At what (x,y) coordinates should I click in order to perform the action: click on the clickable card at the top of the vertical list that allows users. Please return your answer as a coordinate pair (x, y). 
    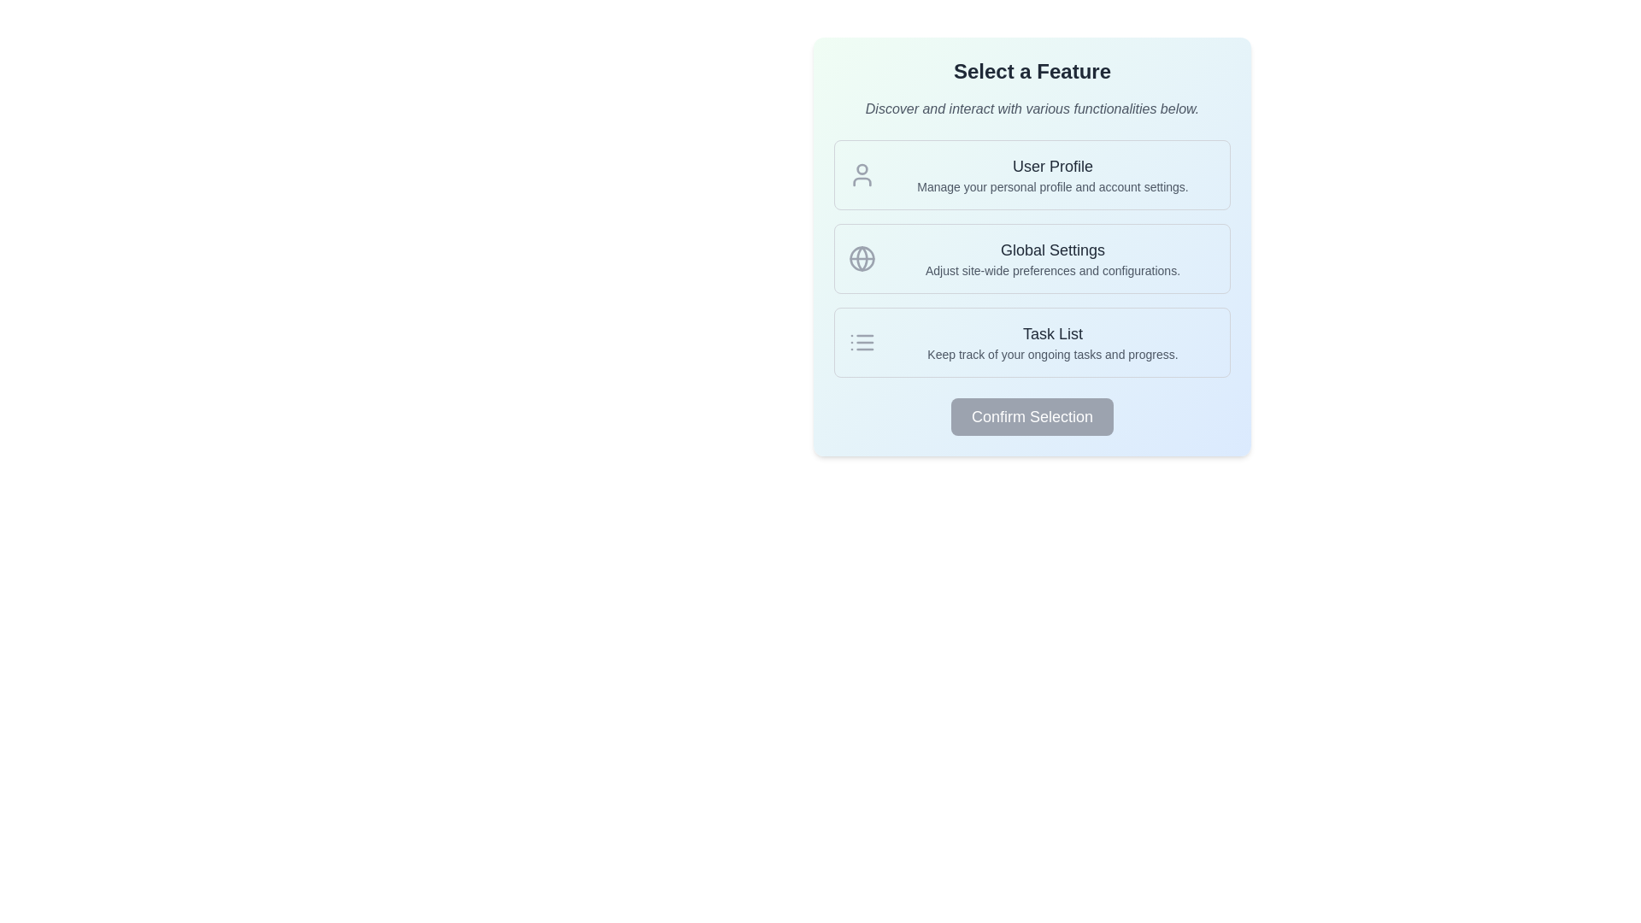
    Looking at the image, I should click on (1032, 174).